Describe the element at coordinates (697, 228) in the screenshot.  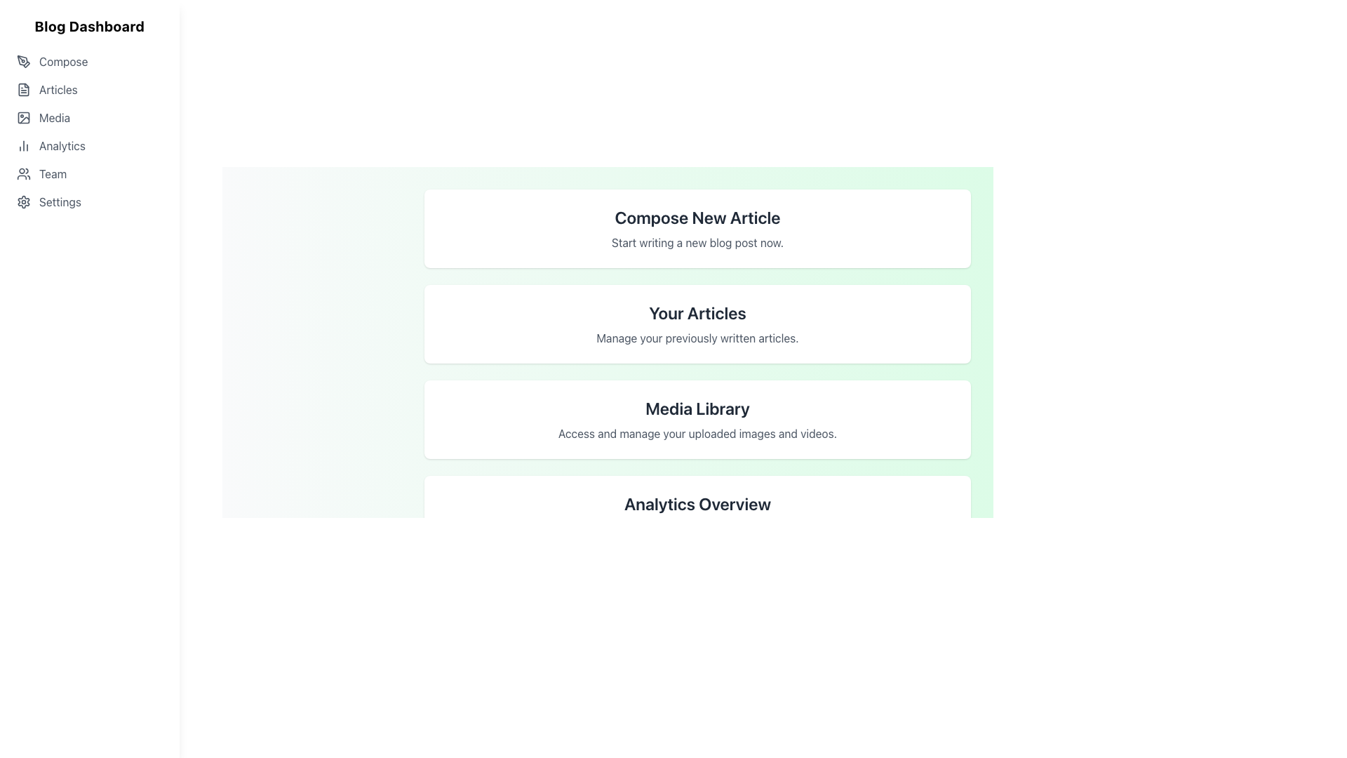
I see `the 'Compose New Article' card, which is a white rectangular box with rounded corners and contains the title in bold and the description in lighter font` at that location.